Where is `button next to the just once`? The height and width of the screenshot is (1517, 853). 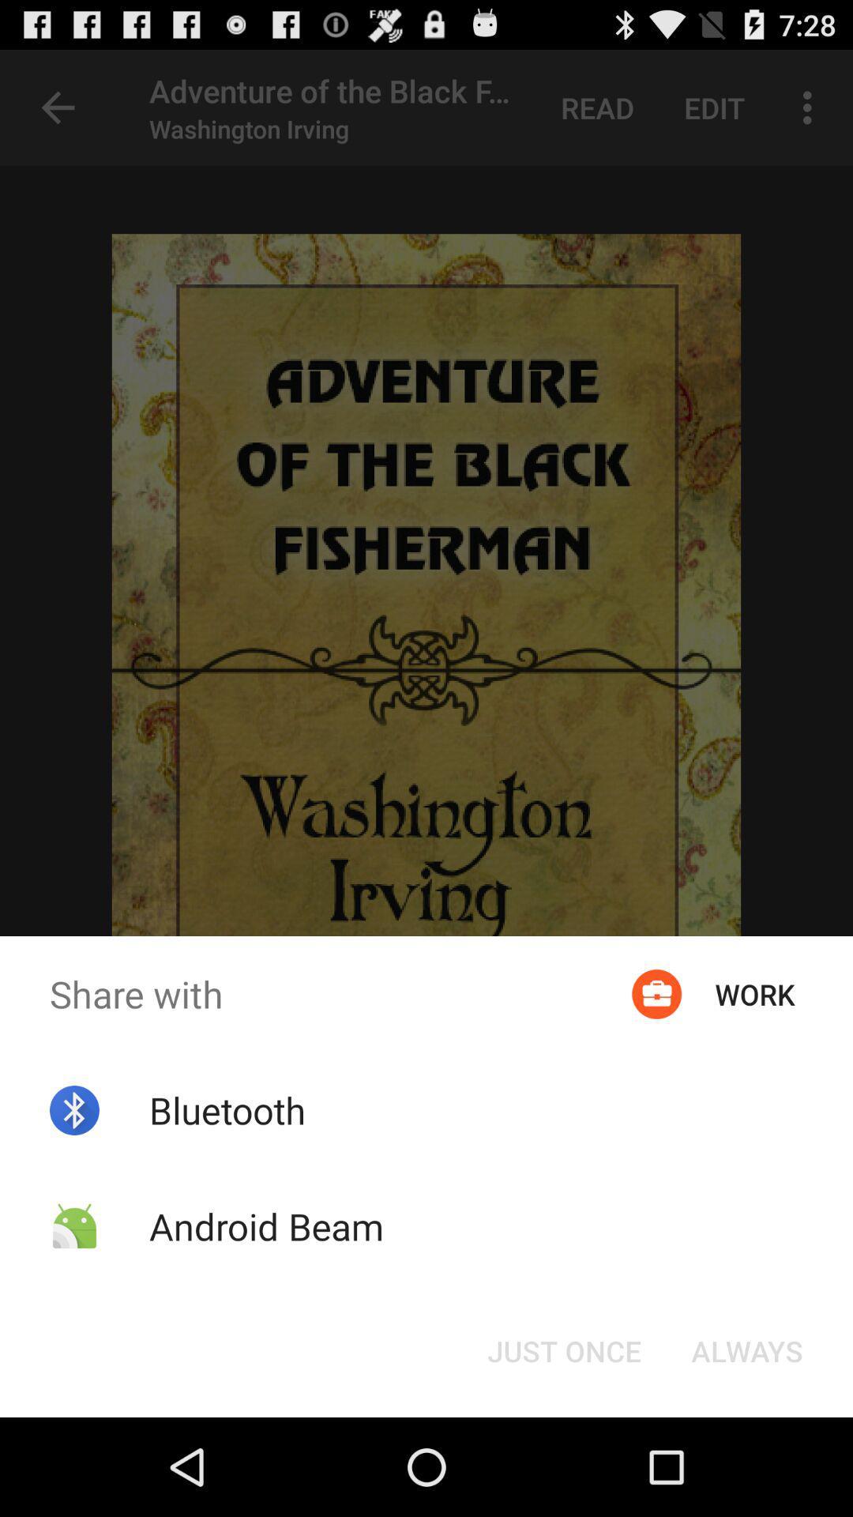
button next to the just once is located at coordinates (746, 1349).